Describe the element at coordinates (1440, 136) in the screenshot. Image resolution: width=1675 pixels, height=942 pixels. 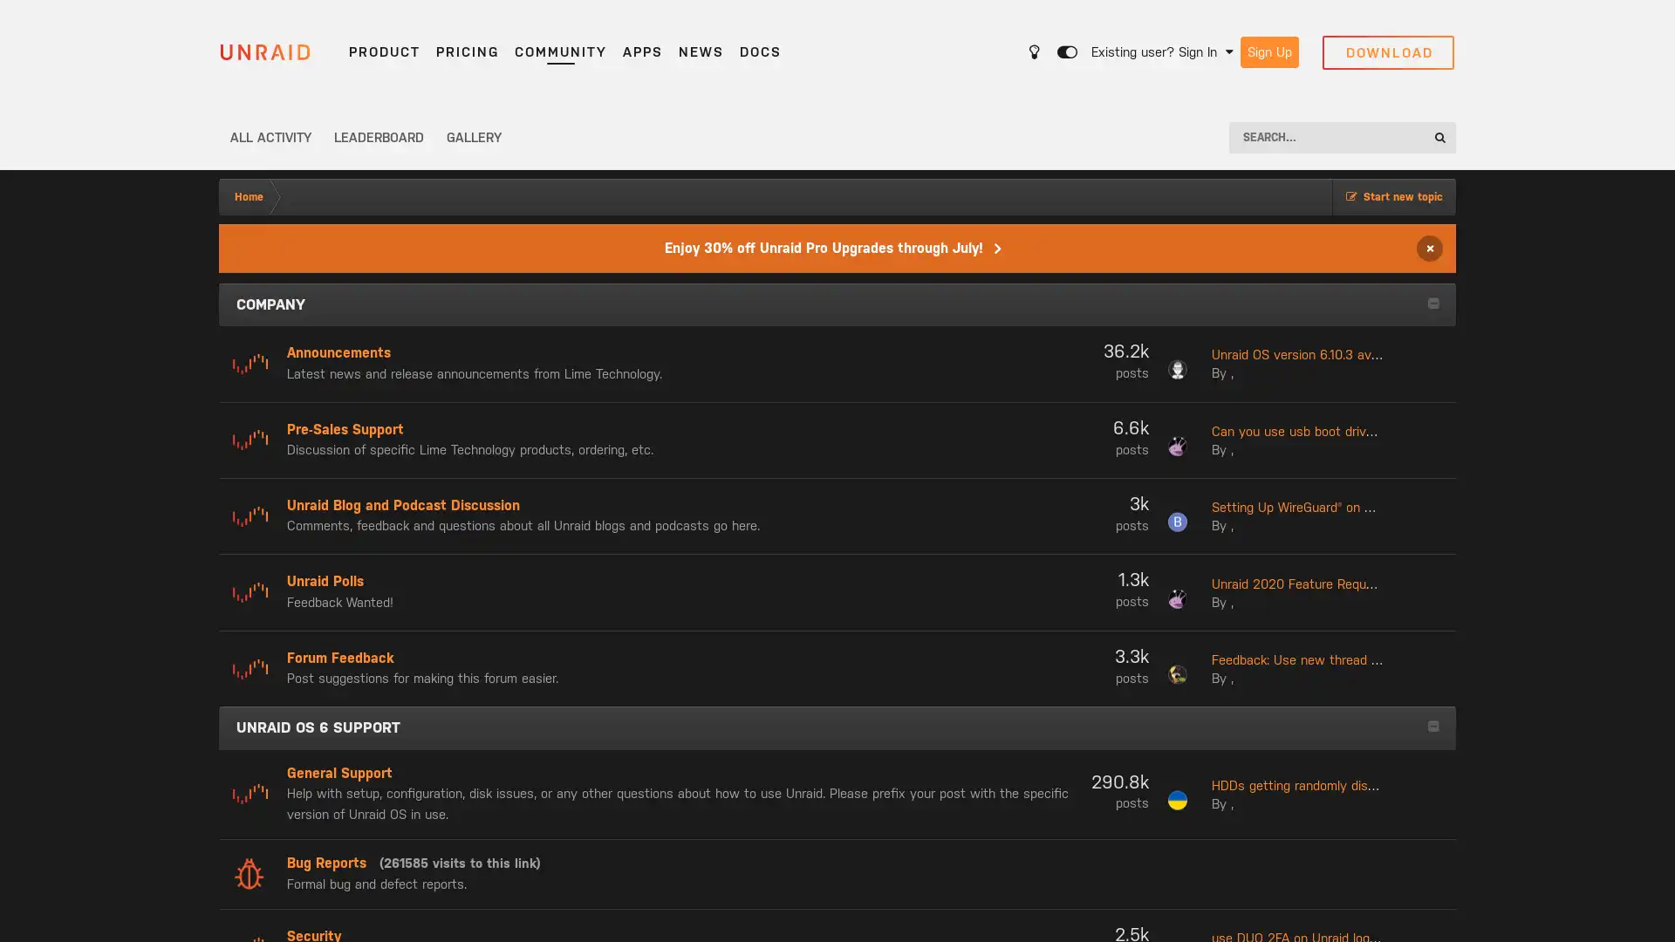
I see `Search` at that location.